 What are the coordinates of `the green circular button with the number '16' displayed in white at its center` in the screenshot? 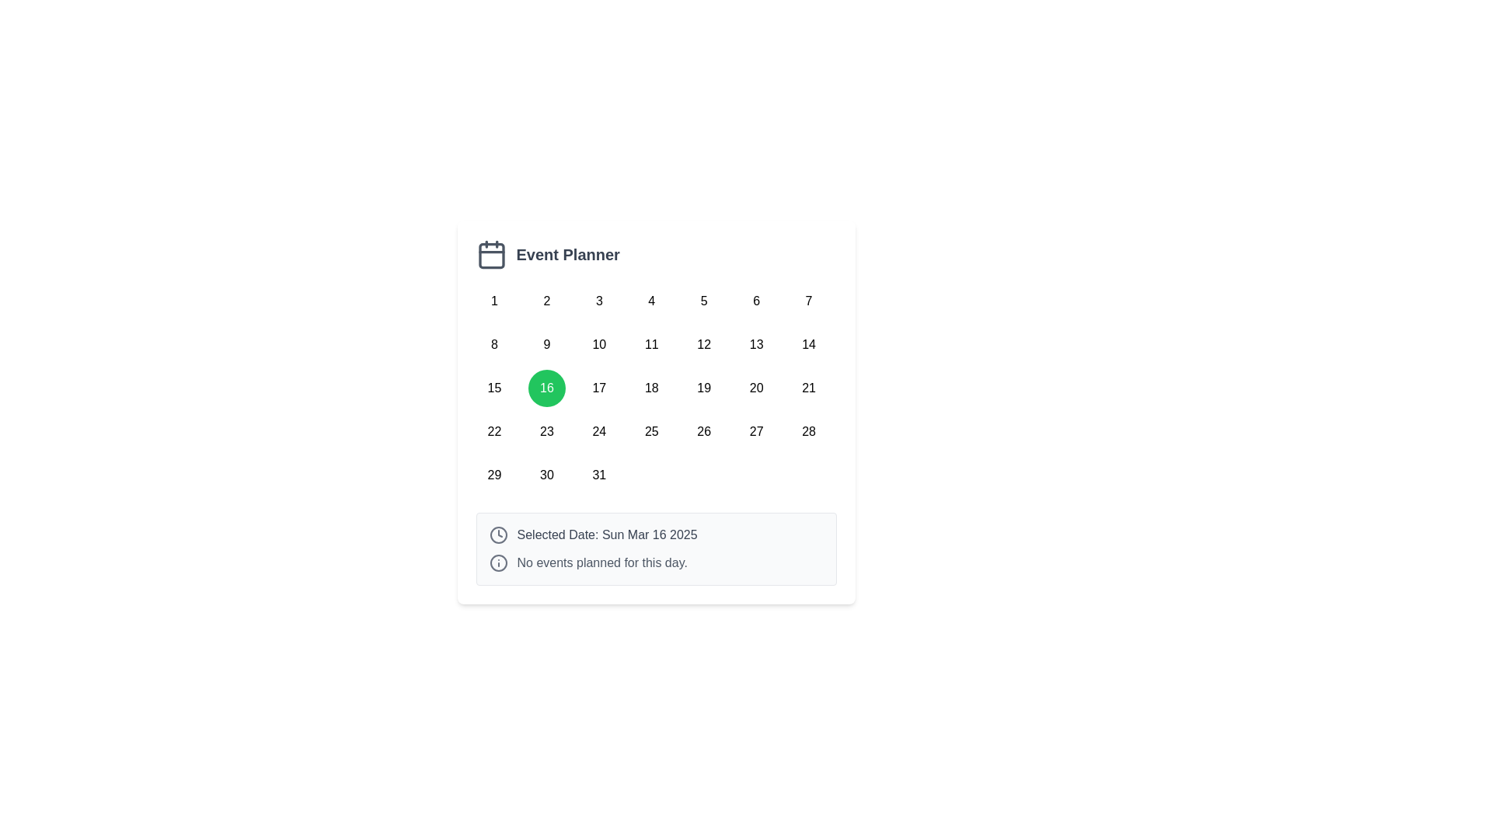 It's located at (546, 388).